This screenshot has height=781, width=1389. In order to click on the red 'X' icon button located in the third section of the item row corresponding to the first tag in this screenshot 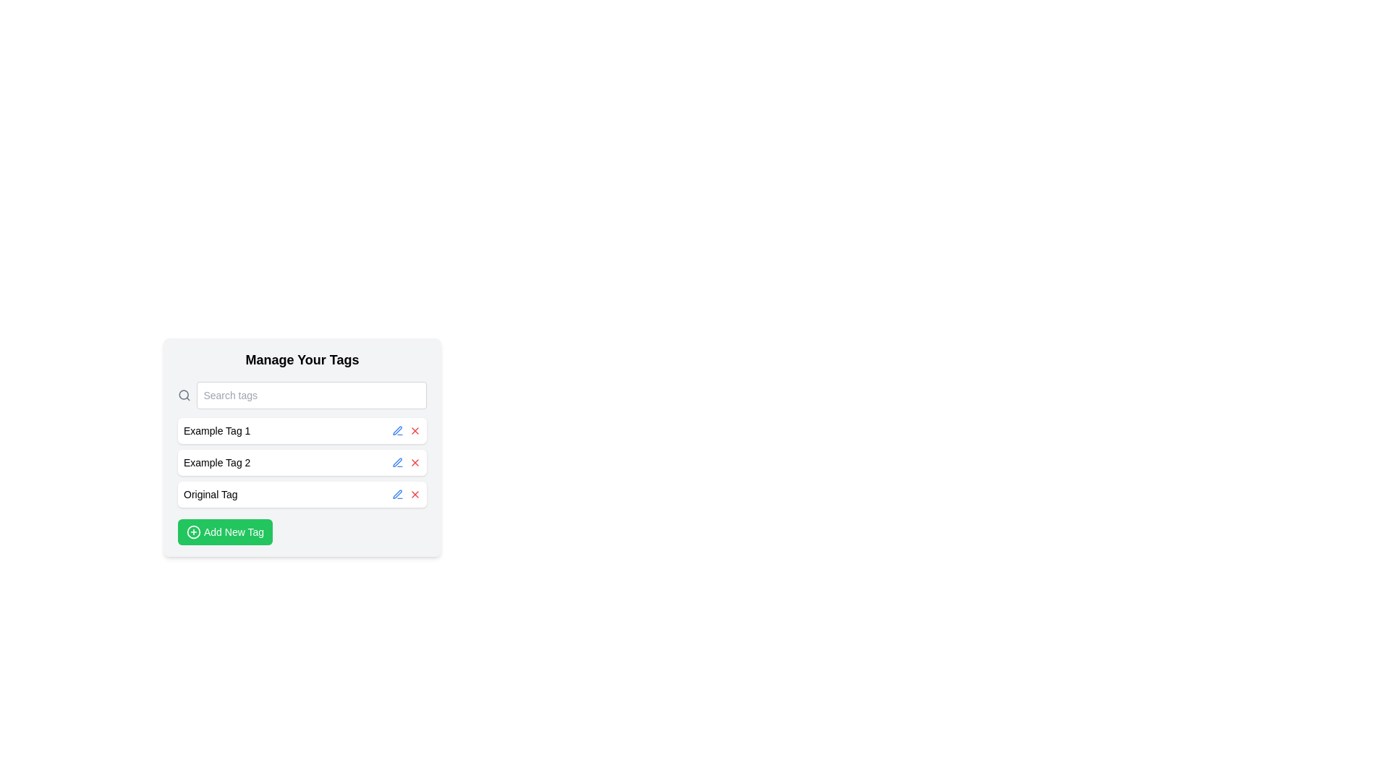, I will do `click(415, 430)`.